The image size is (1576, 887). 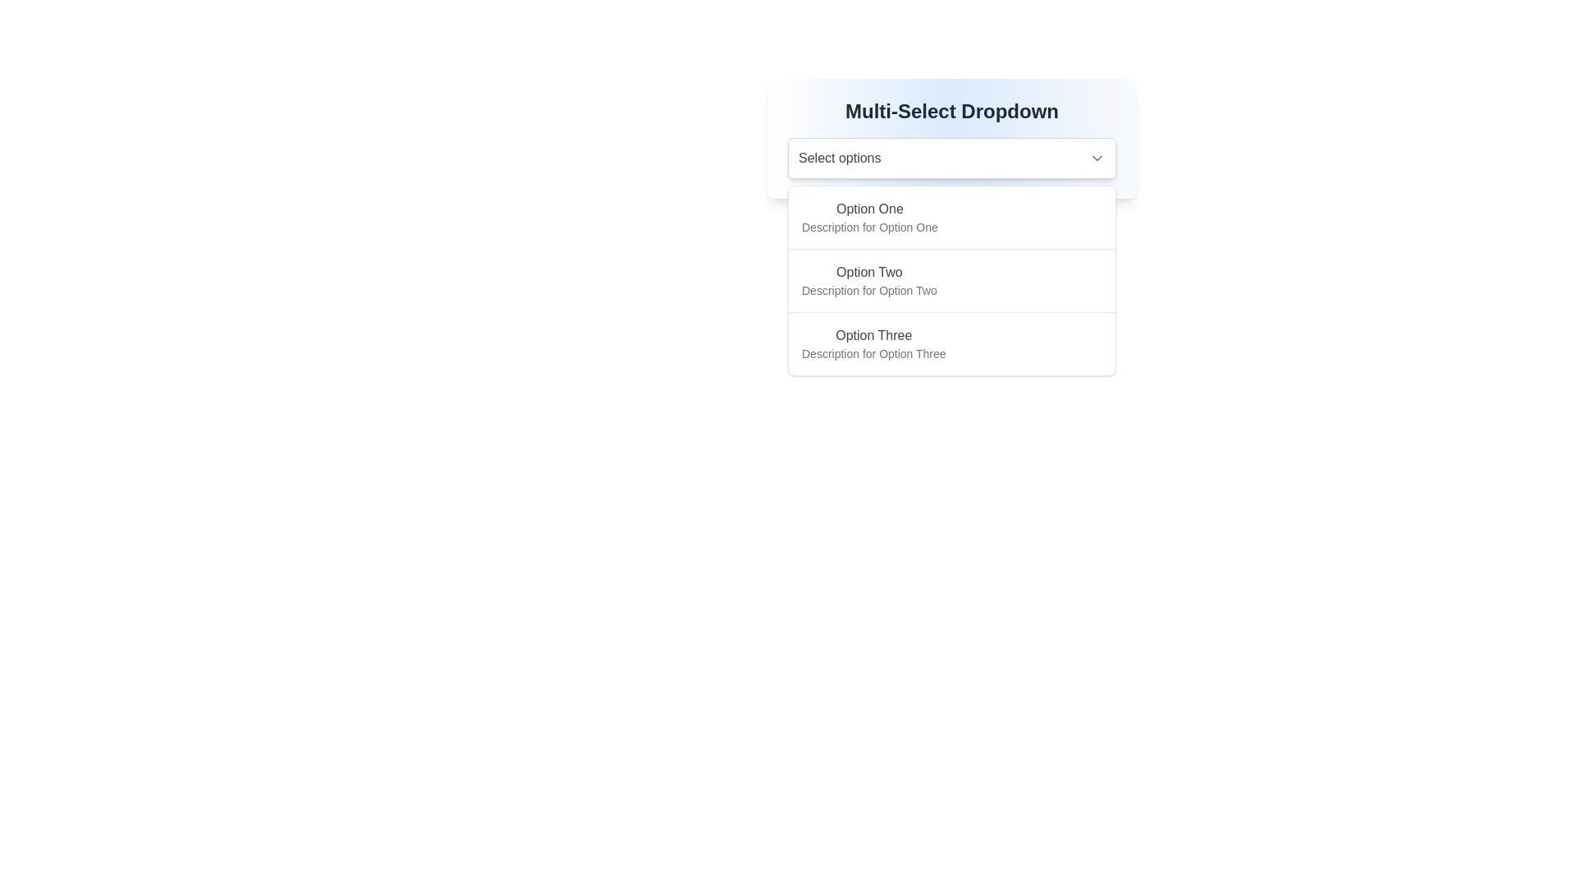 What do you see at coordinates (873, 334) in the screenshot?
I see `the text label indicating the third option in the multi-select dropdown, which conveys the option's name to users` at bounding box center [873, 334].